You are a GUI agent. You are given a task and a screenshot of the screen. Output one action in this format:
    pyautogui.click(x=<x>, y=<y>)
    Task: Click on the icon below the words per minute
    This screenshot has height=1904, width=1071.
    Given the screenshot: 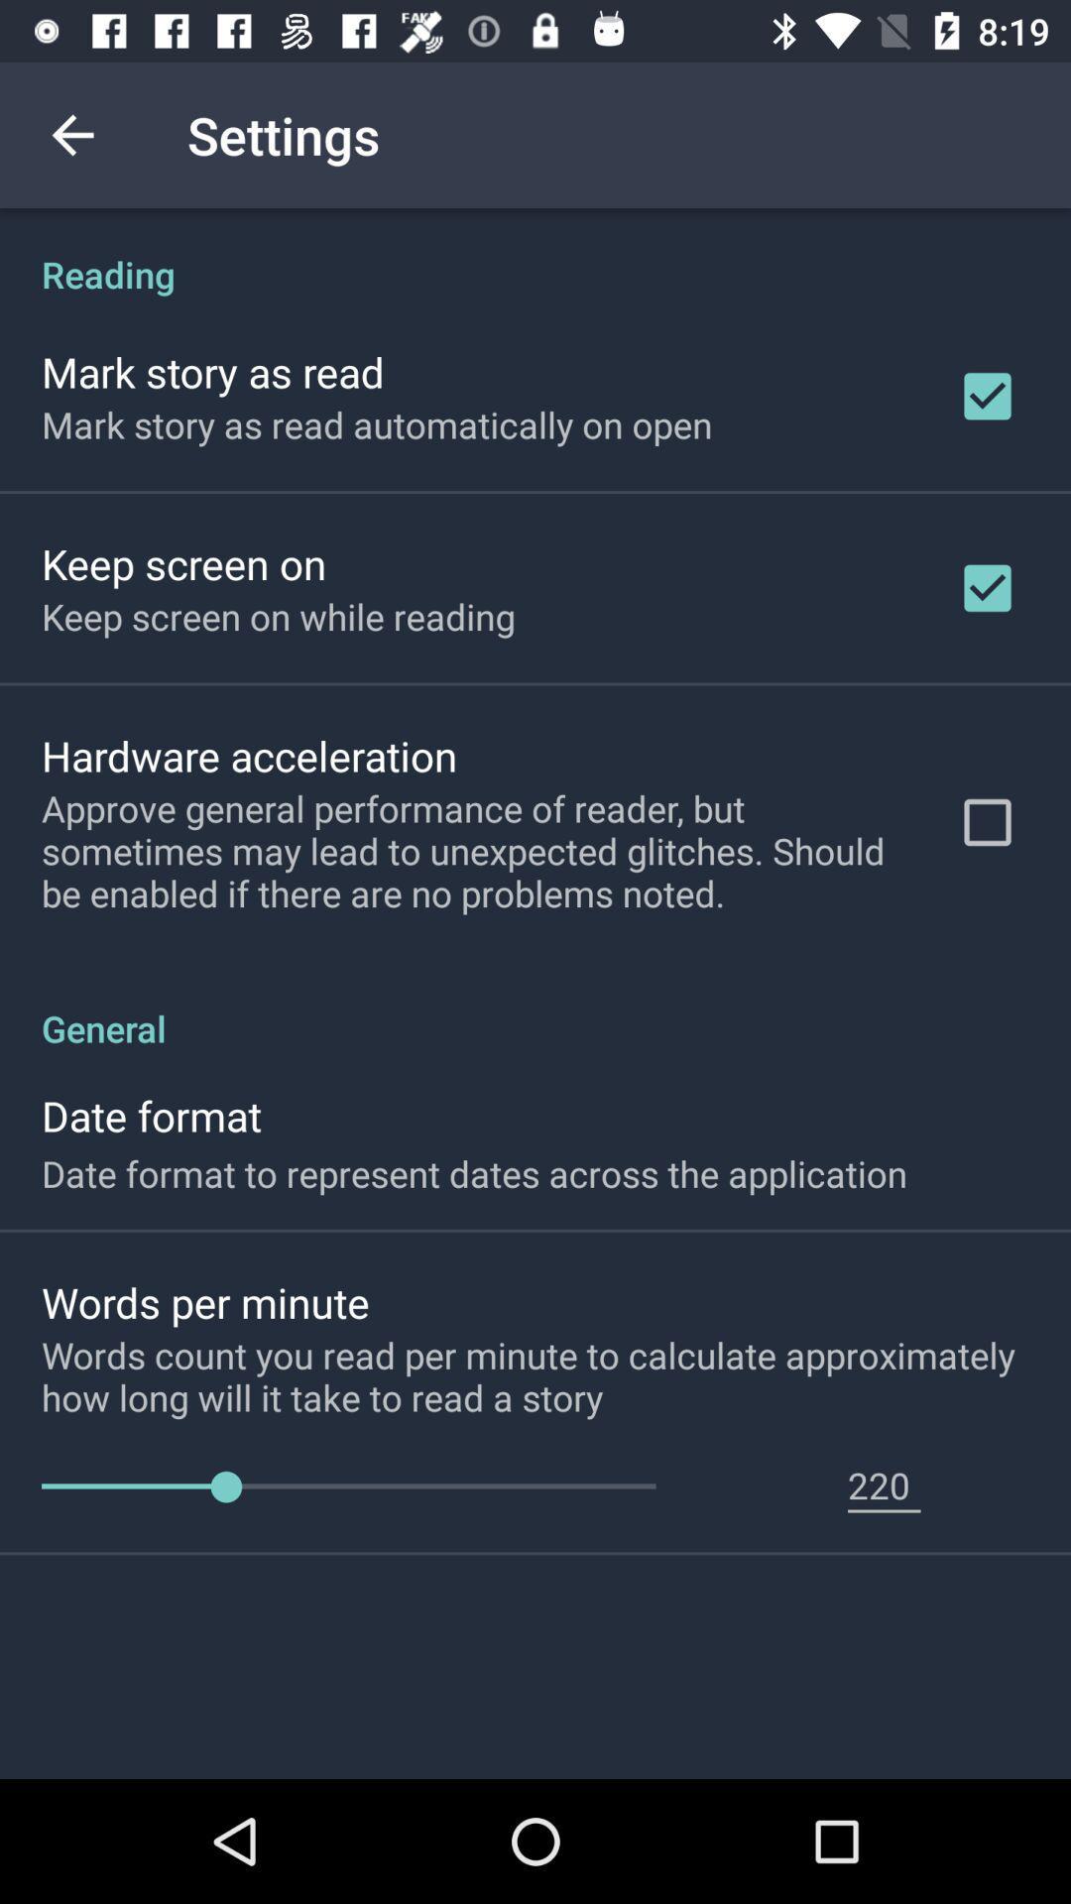 What is the action you would take?
    pyautogui.click(x=555, y=1374)
    